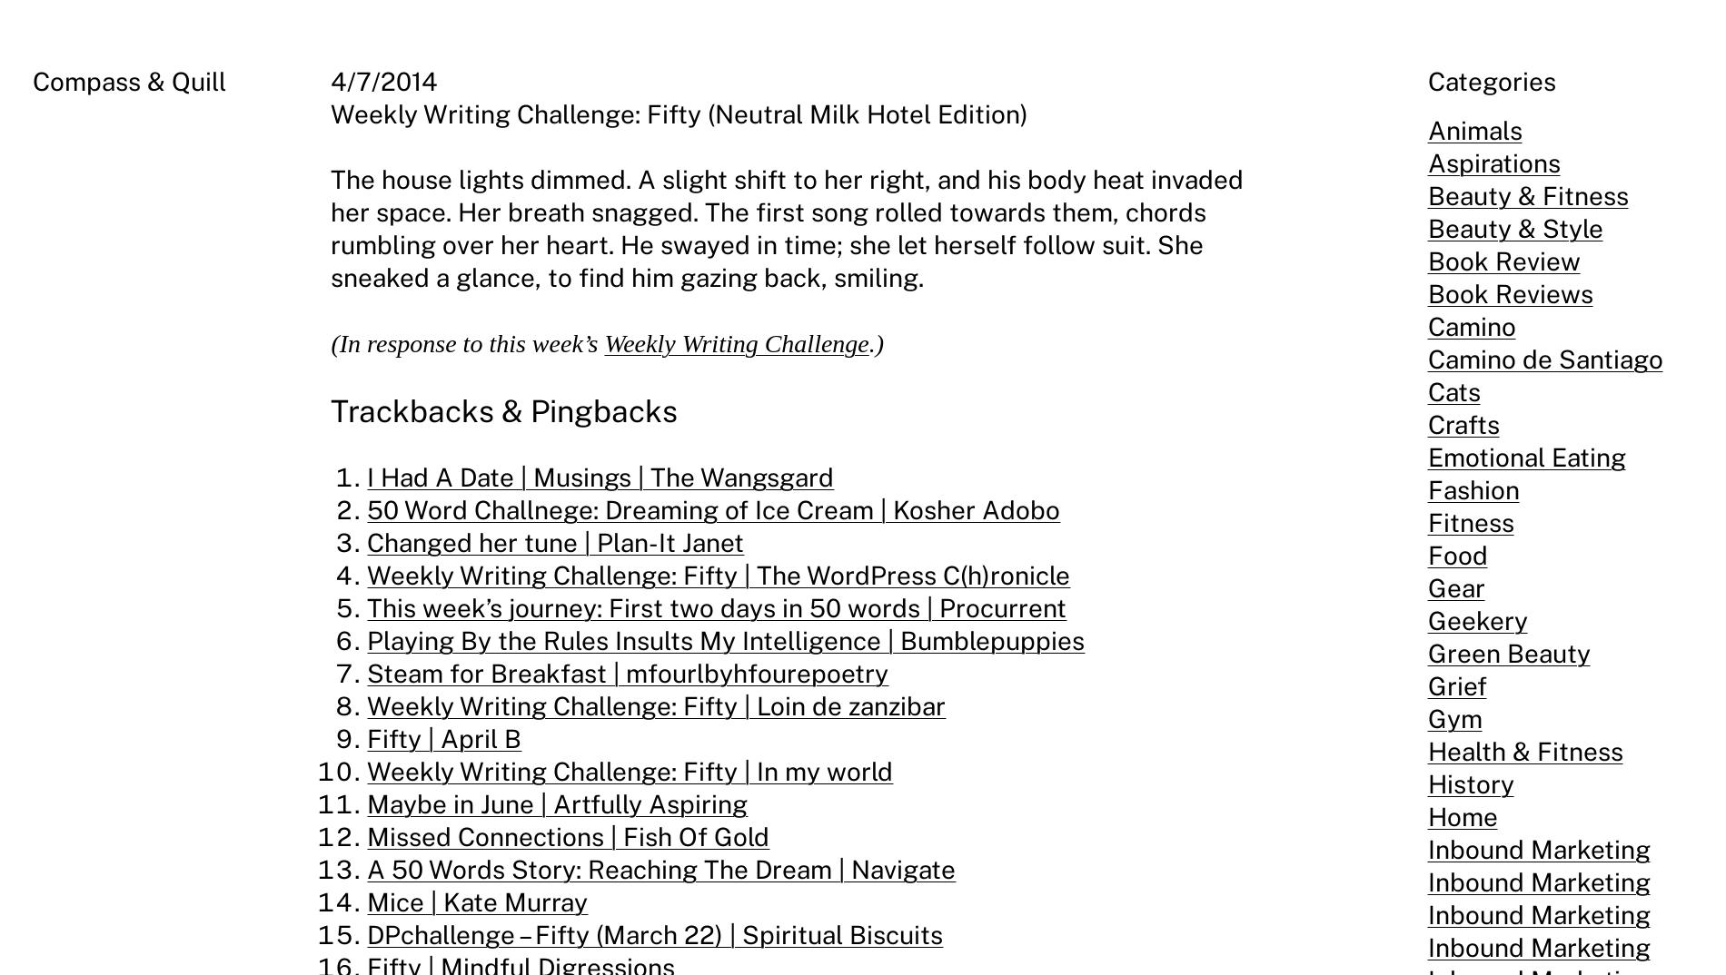 Image resolution: width=1726 pixels, height=975 pixels. Describe the element at coordinates (1426, 227) in the screenshot. I see `'Beauty & Style'` at that location.